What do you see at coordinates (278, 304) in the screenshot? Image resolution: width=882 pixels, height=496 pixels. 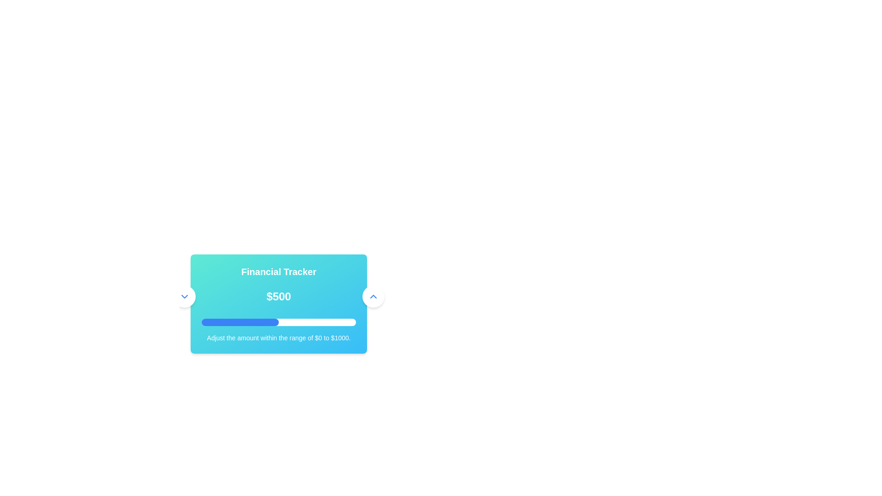 I see `the amount displayed in the interactive financial tracking card to gain focus` at bounding box center [278, 304].